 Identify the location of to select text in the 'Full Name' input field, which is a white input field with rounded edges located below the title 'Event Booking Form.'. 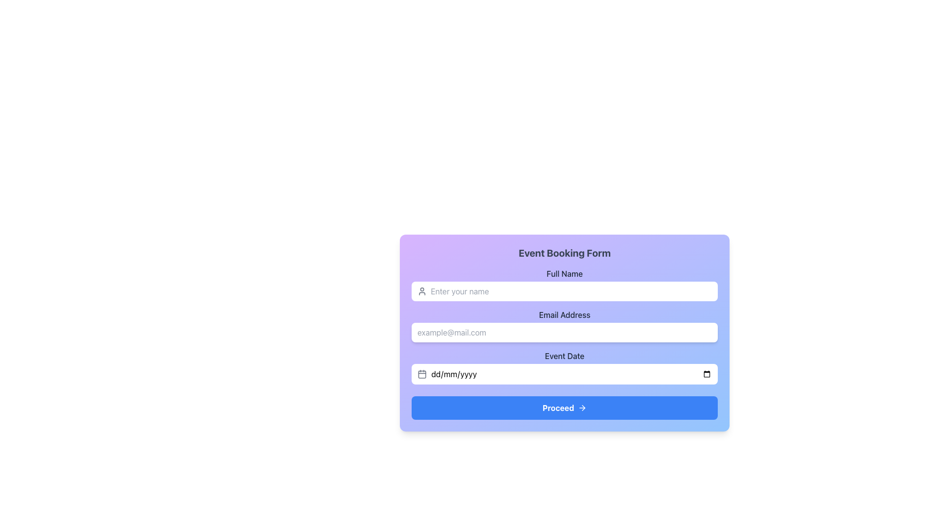
(565, 285).